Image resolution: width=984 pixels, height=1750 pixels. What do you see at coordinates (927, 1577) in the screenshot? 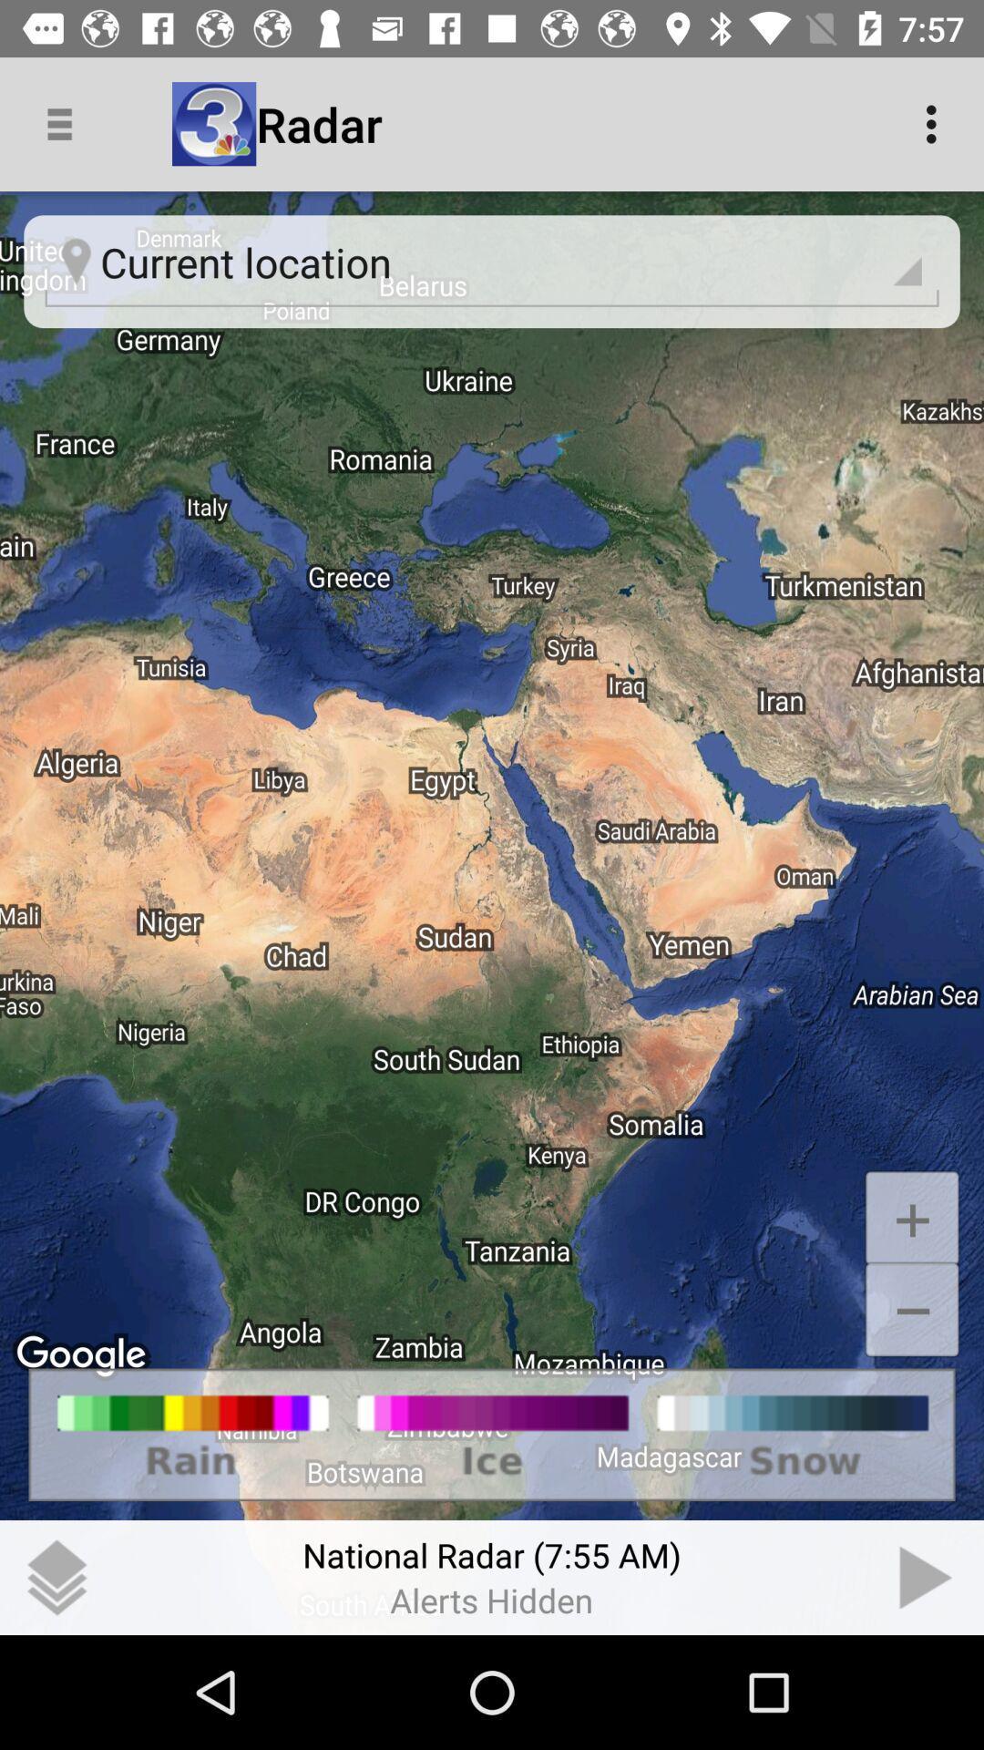
I see `the play icon` at bounding box center [927, 1577].